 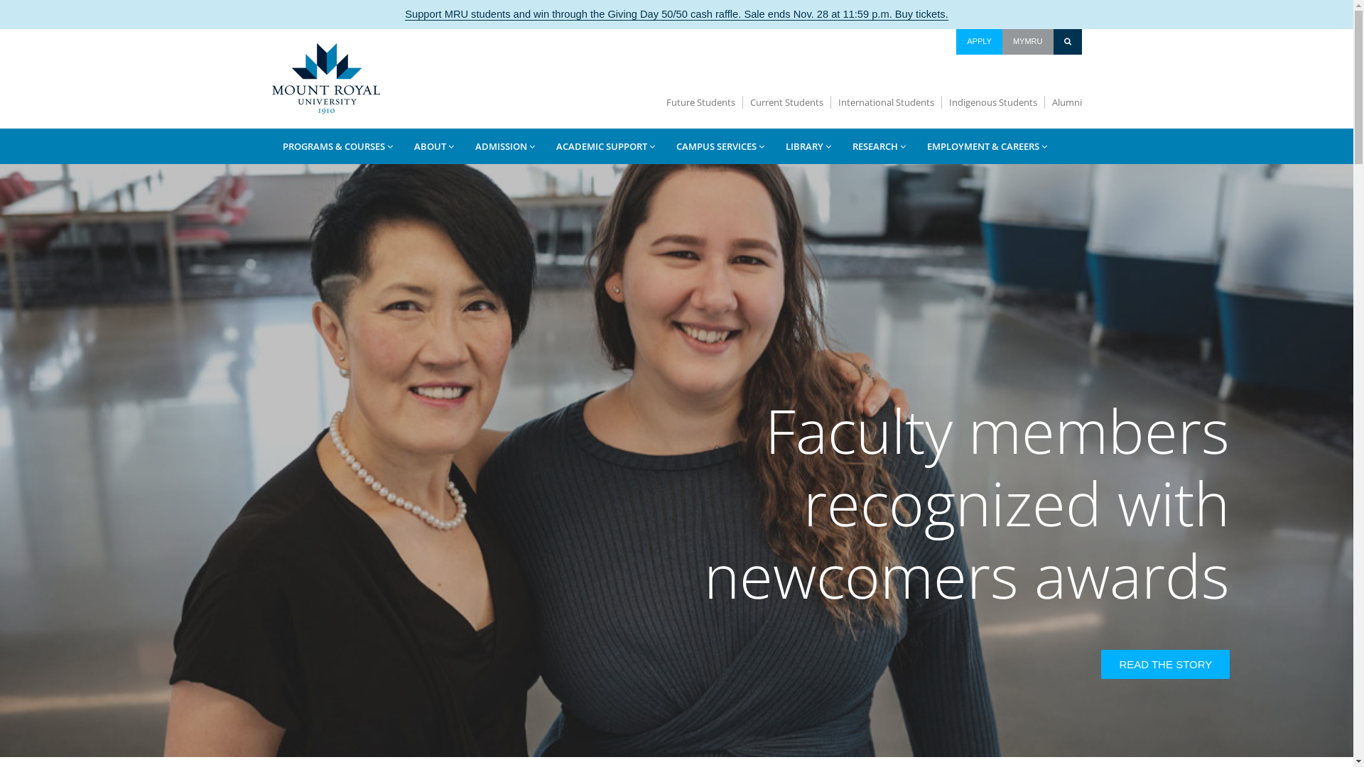 I want to click on 'READ THE STORY', so click(x=1165, y=664).